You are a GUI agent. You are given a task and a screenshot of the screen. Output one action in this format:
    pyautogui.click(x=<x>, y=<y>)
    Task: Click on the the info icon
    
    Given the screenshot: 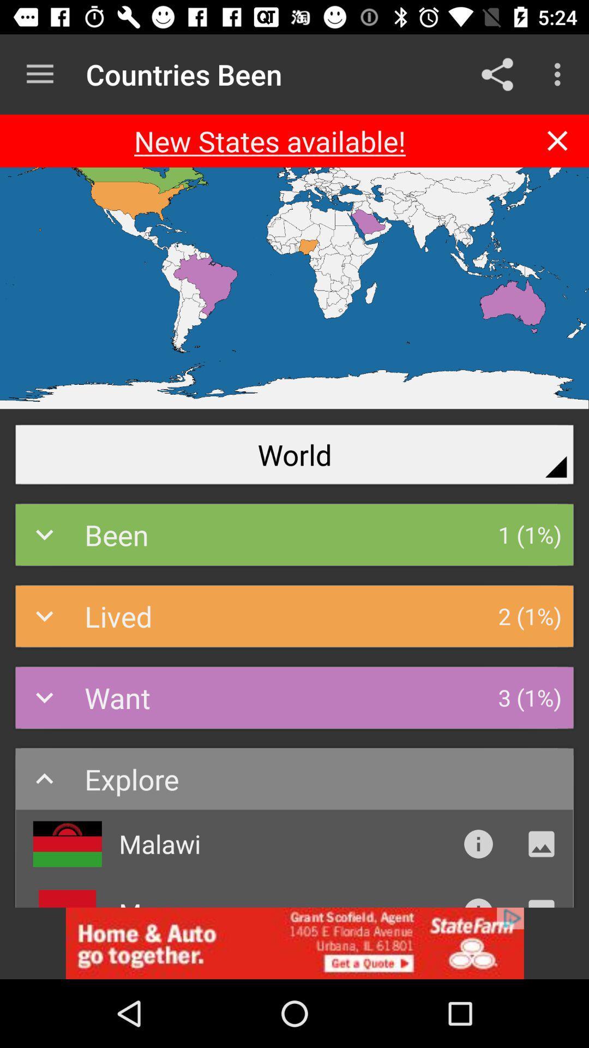 What is the action you would take?
    pyautogui.click(x=478, y=843)
    